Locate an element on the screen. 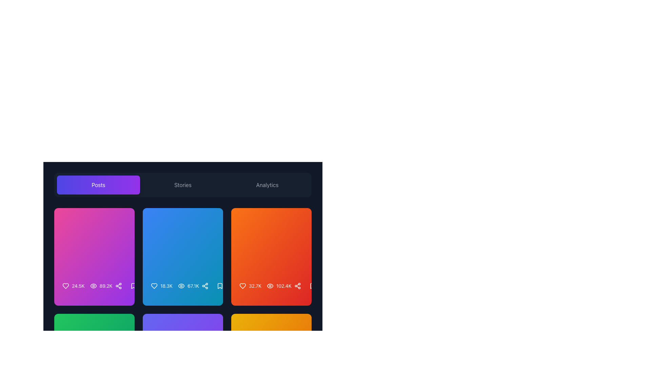 This screenshot has height=366, width=651. the Text label located in the bottom-left region of the purple-pink gradient card, which represents the number of likes or engagements, positioned next to a heart icon and a numerical view count is located at coordinates (78, 286).